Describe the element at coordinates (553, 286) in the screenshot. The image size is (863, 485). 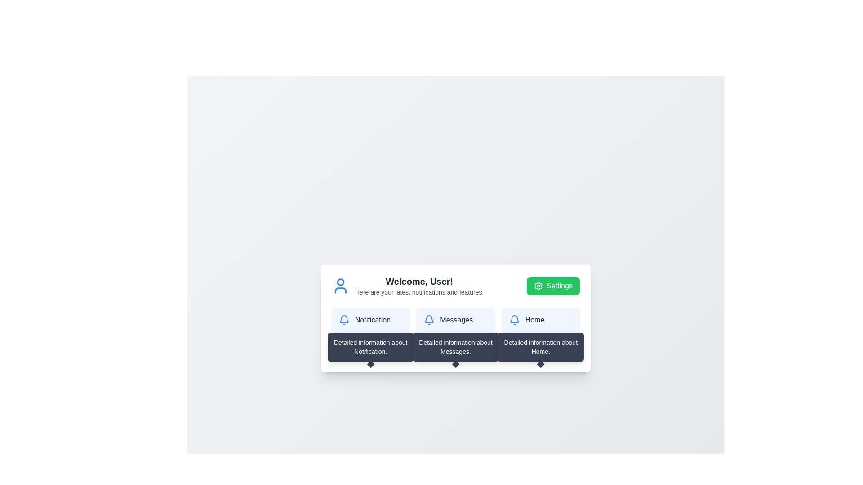
I see `the 'Settings' button, which is a rectangular button with rounded corners, green background, white text, and a gear icon to change its background color` at that location.